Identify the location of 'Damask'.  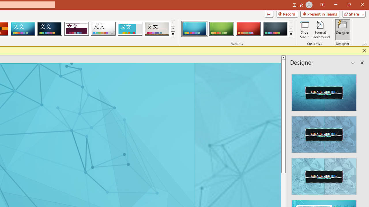
(50, 29).